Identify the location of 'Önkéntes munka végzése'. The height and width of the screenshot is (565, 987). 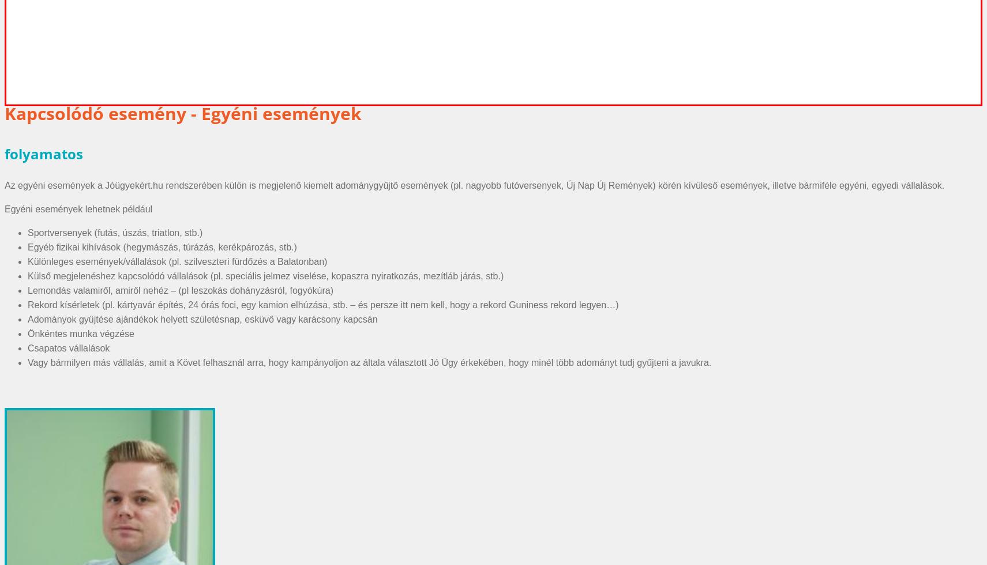
(80, 332).